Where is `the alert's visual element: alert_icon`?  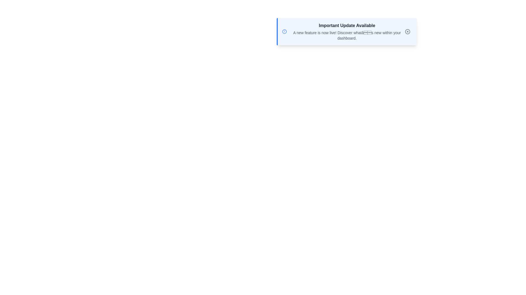
the alert's visual element: alert_icon is located at coordinates (284, 31).